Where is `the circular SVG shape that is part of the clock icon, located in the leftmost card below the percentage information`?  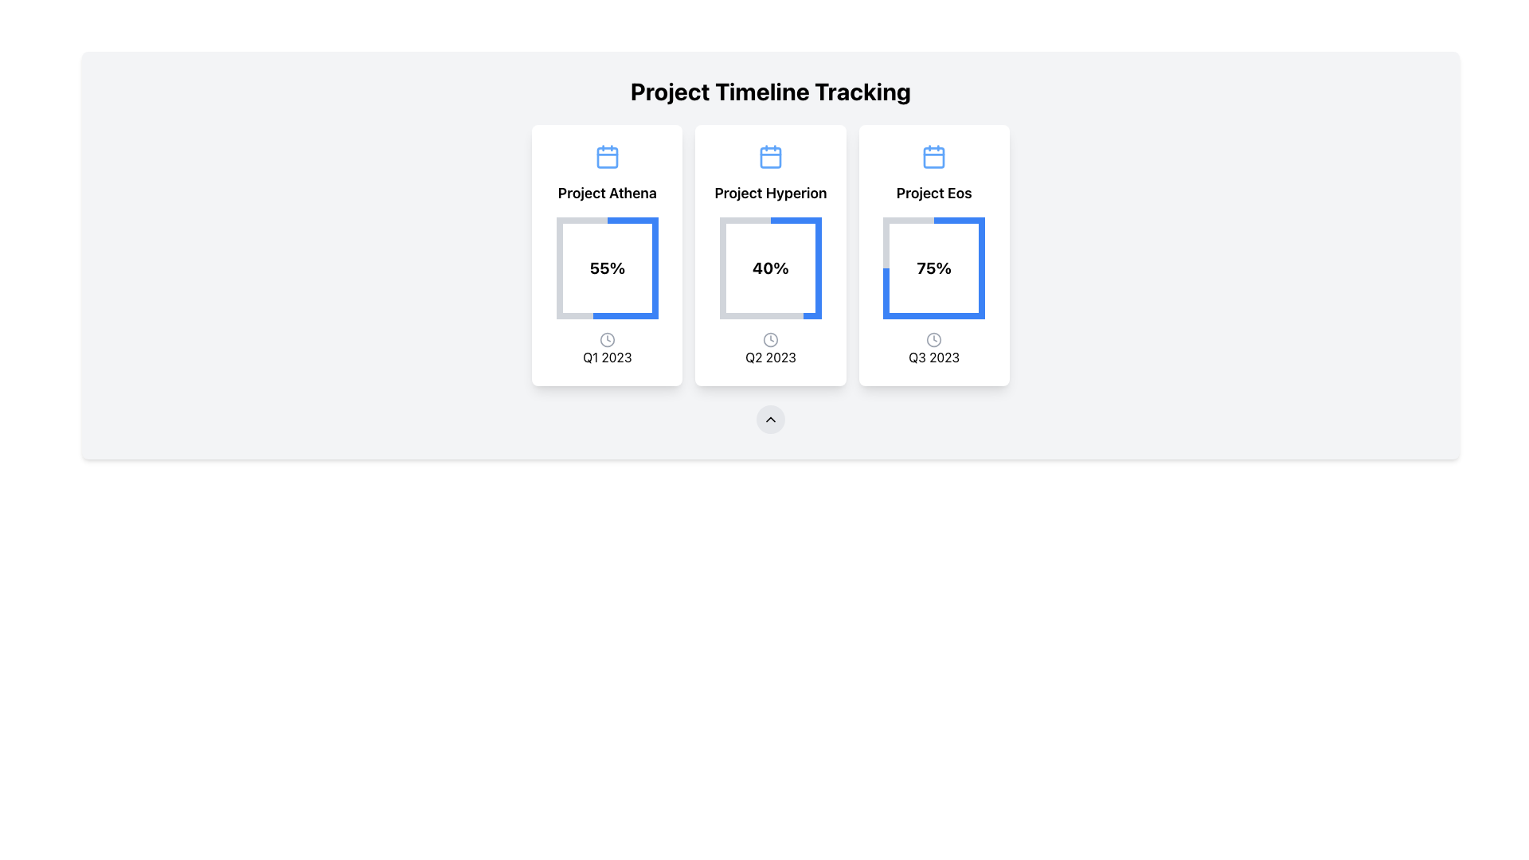 the circular SVG shape that is part of the clock icon, located in the leftmost card below the percentage information is located at coordinates (606, 339).